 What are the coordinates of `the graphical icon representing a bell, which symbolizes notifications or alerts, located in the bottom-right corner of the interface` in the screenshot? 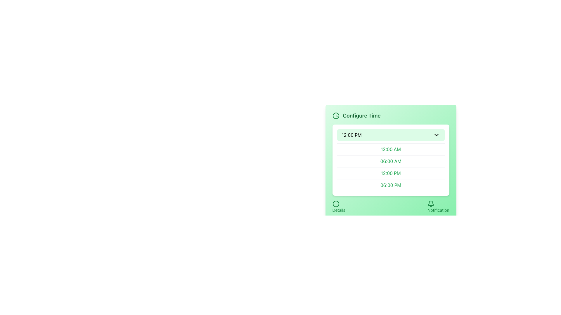 It's located at (431, 203).